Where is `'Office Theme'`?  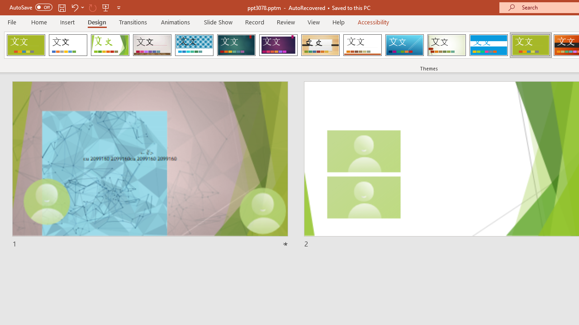 'Office Theme' is located at coordinates (67, 45).